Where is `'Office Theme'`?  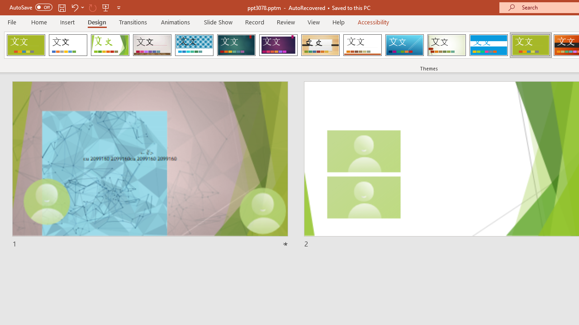 'Office Theme' is located at coordinates (67, 45).